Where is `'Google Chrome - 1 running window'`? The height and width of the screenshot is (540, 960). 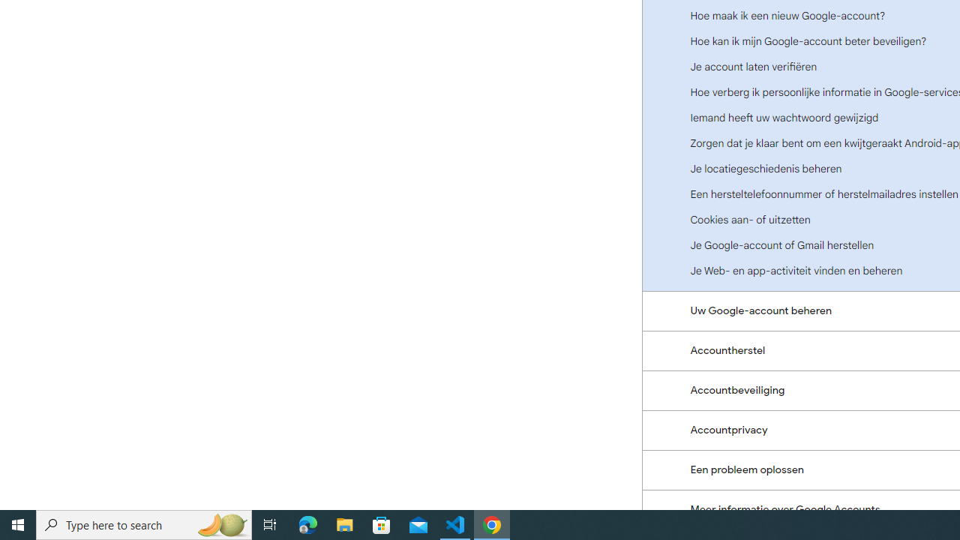
'Google Chrome - 1 running window' is located at coordinates (492, 523).